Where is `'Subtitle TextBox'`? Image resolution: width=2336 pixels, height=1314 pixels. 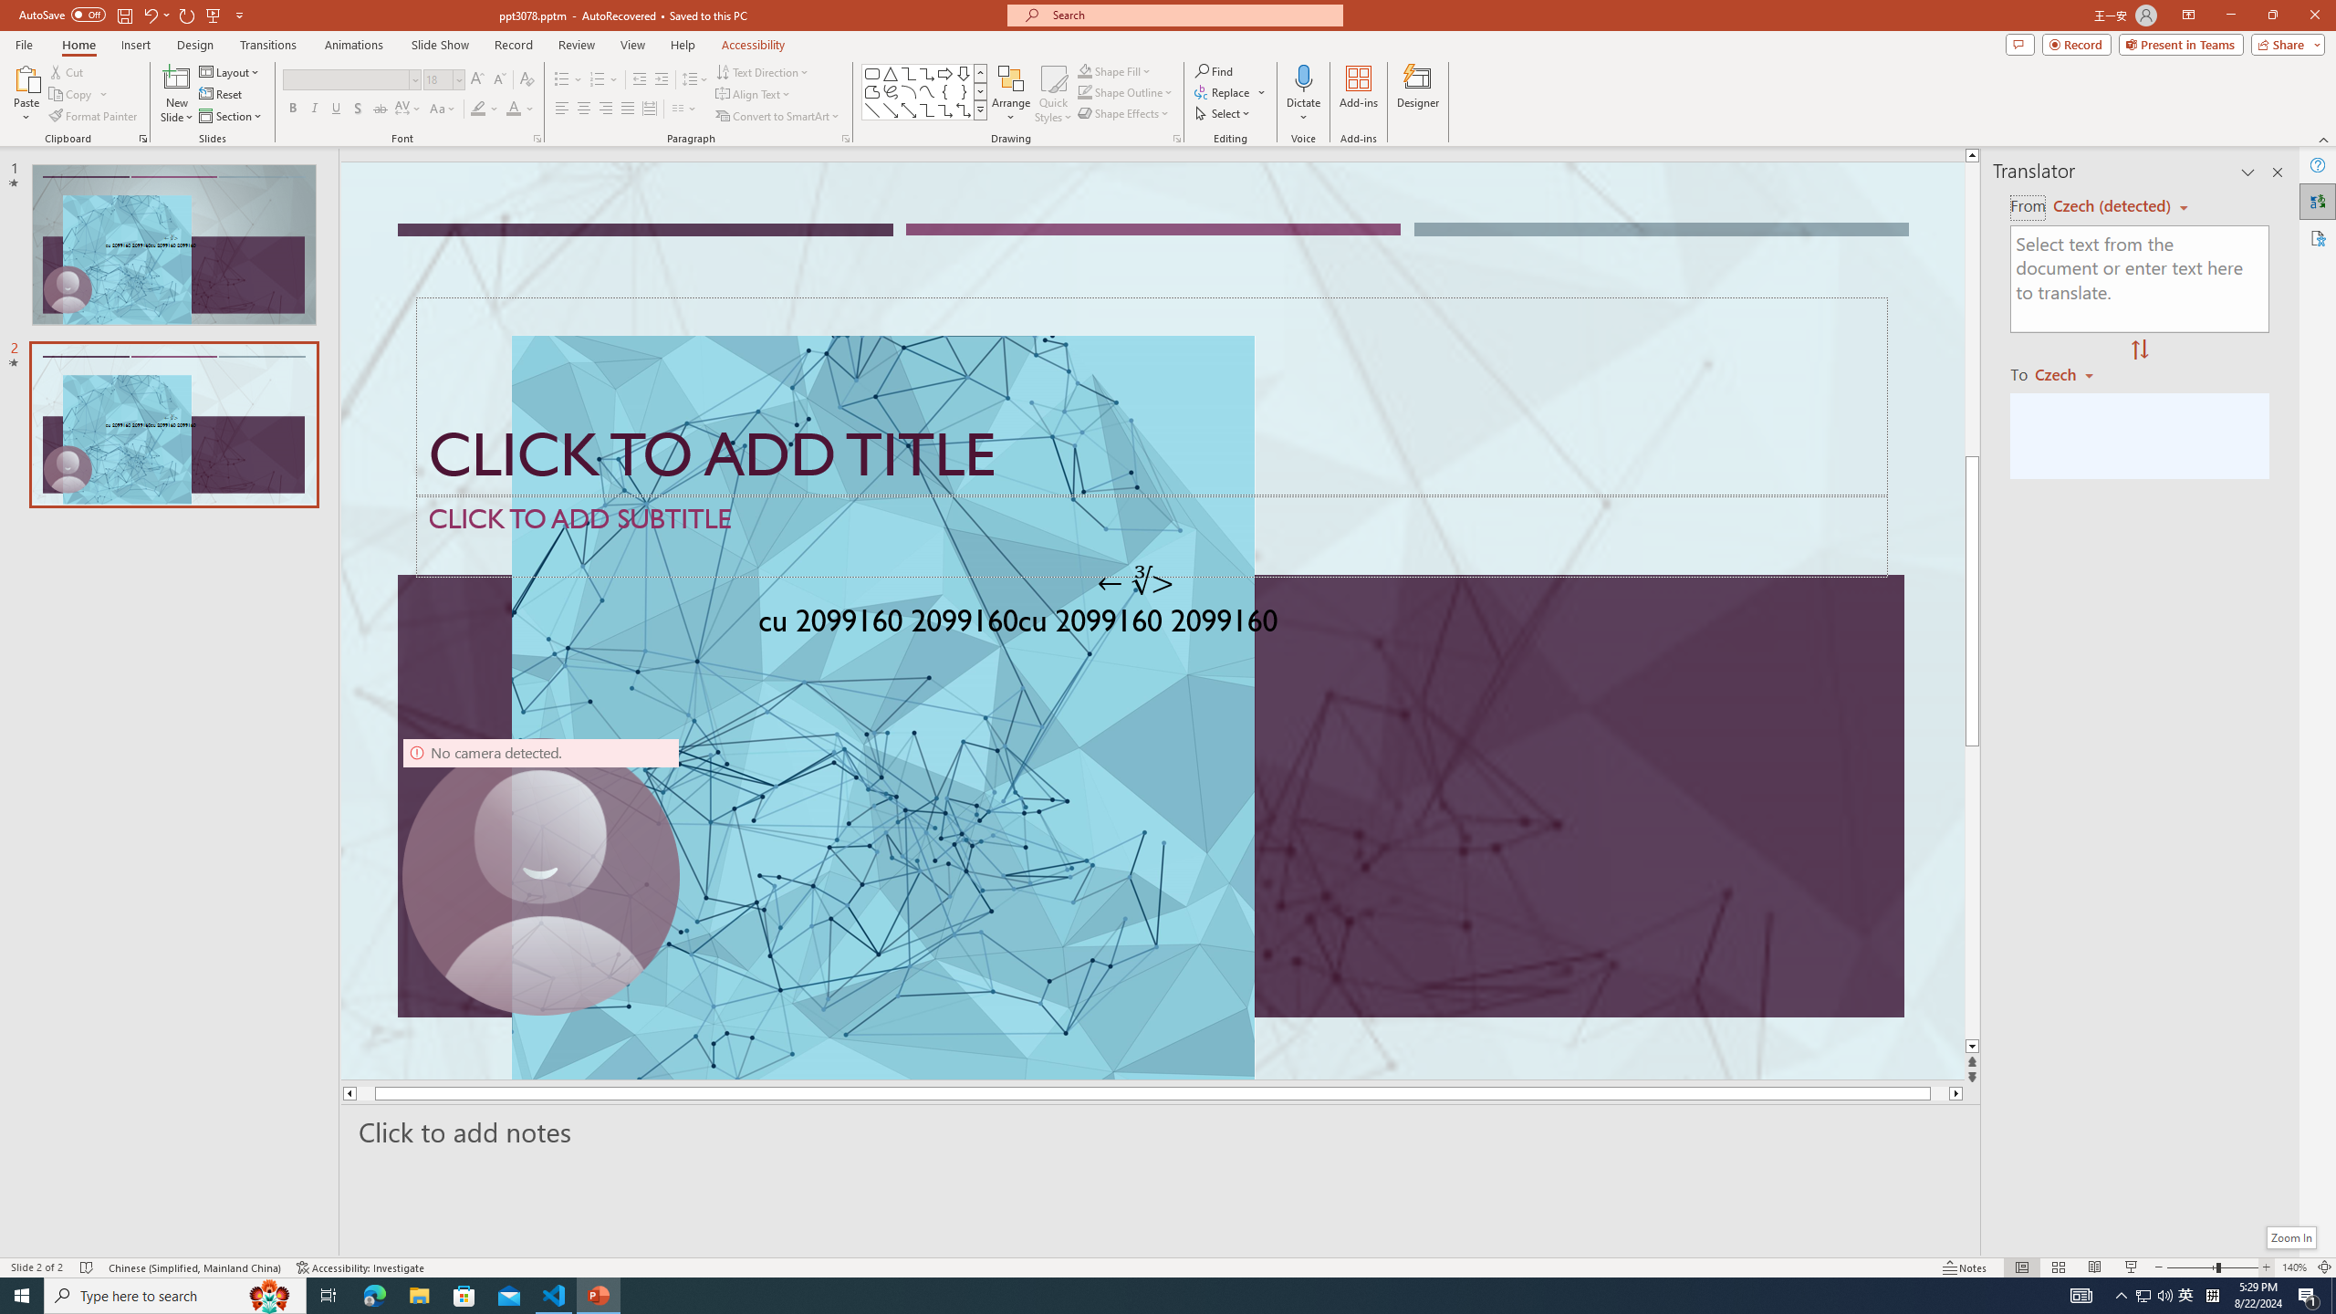 'Subtitle TextBox' is located at coordinates (1151, 535).